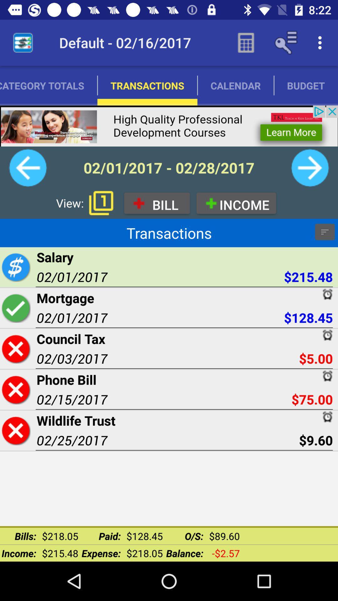 The width and height of the screenshot is (338, 601). Describe the element at coordinates (324, 231) in the screenshot. I see `more information button` at that location.